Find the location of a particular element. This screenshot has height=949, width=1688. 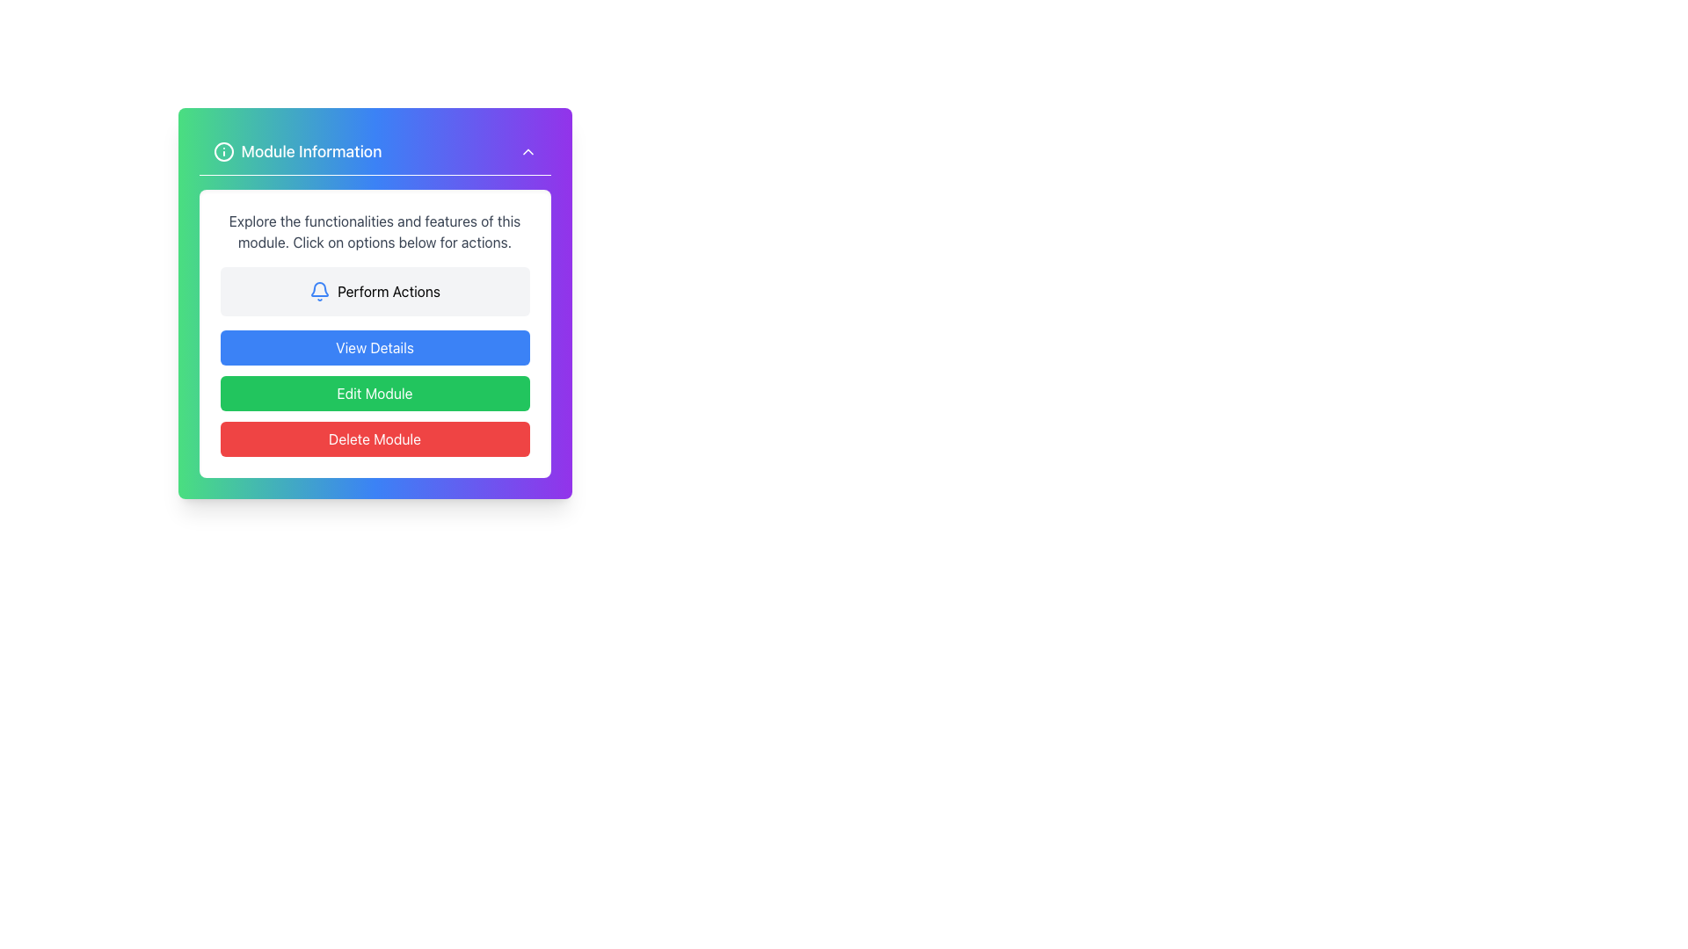

the green 'Edit Module' button to visualize its hover effect, which changes the background color to a darker green shade is located at coordinates (374, 392).